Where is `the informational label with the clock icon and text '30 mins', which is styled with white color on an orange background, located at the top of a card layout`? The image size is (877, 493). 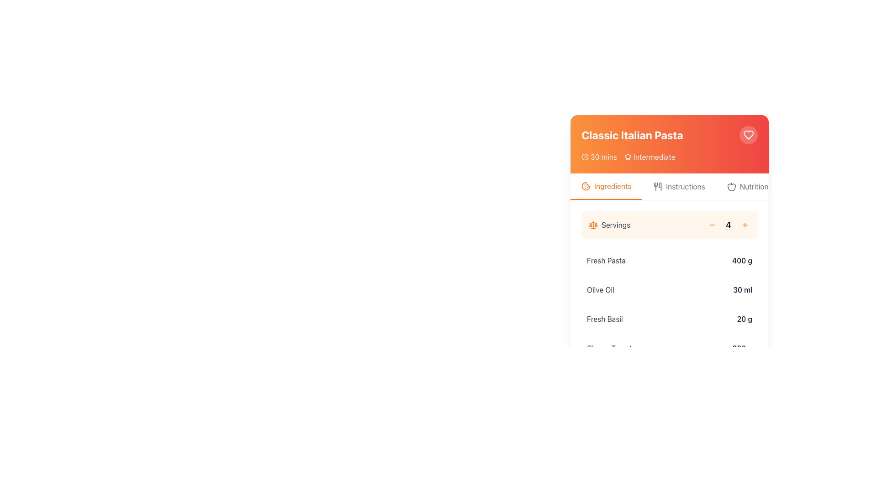 the informational label with the clock icon and text '30 mins', which is styled with white color on an orange background, located at the top of a card layout is located at coordinates (599, 156).